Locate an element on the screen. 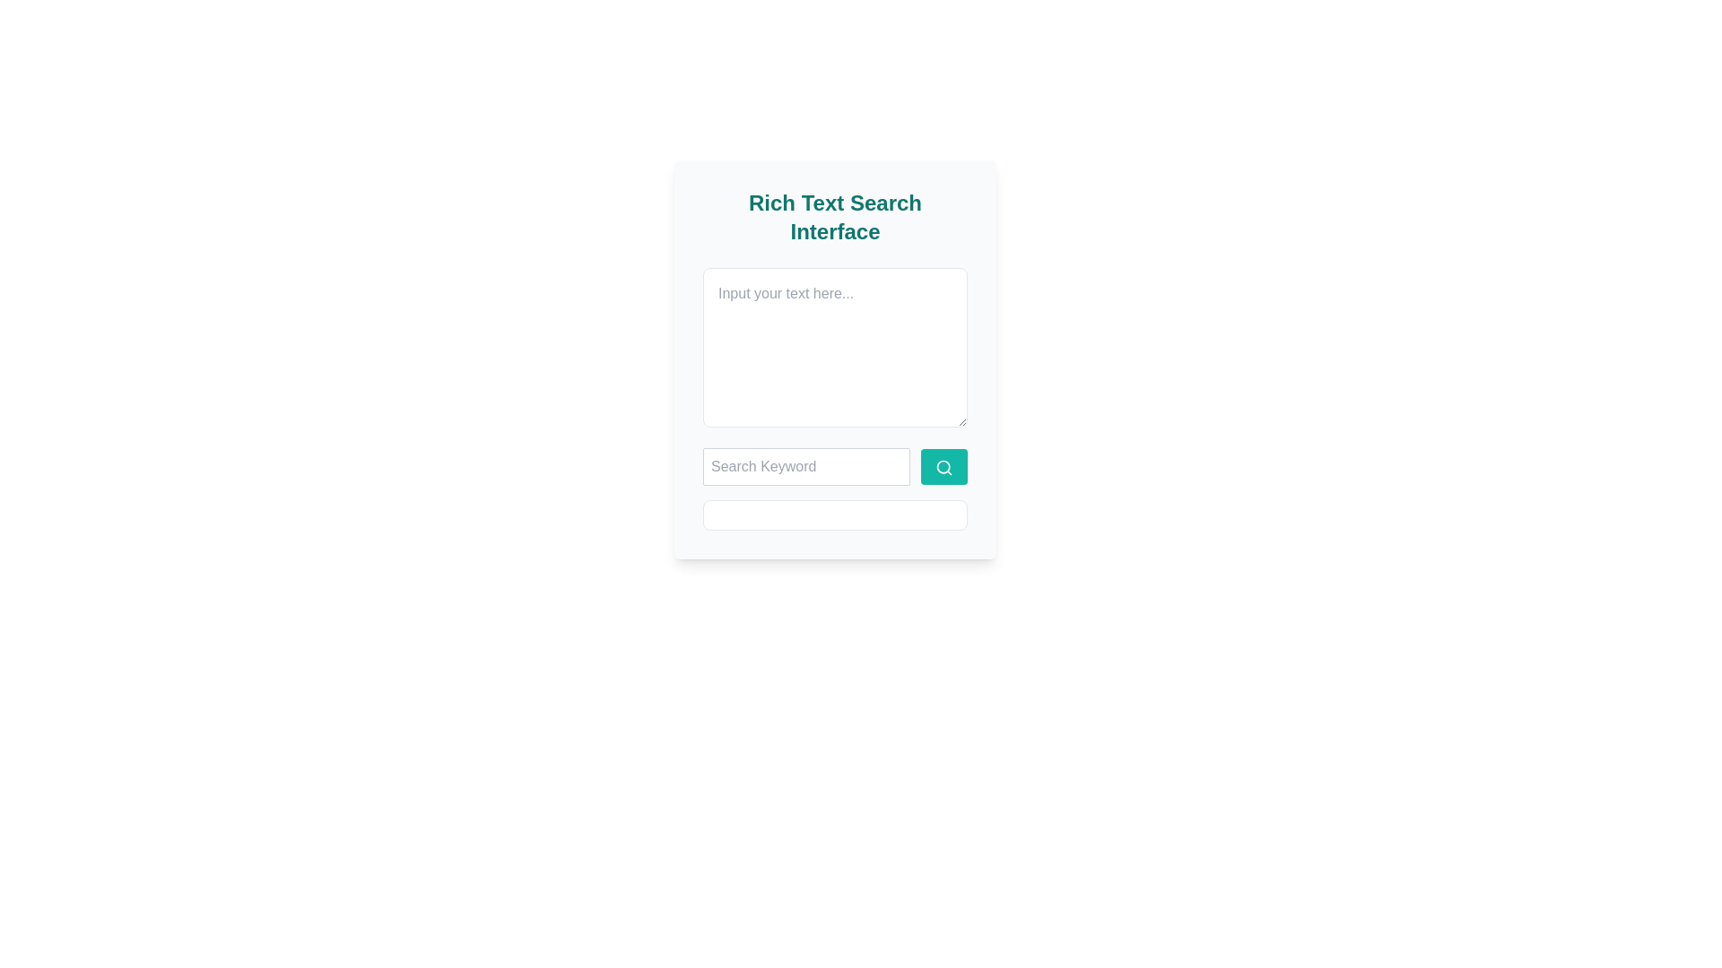 Image resolution: width=1722 pixels, height=968 pixels. the search button located immediately to the right of the search input field to initiate a search operation is located at coordinates (943, 465).